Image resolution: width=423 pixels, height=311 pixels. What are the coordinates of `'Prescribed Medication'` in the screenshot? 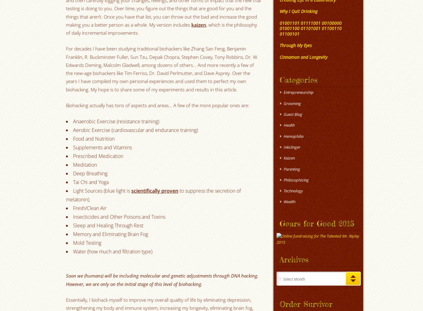 It's located at (73, 156).